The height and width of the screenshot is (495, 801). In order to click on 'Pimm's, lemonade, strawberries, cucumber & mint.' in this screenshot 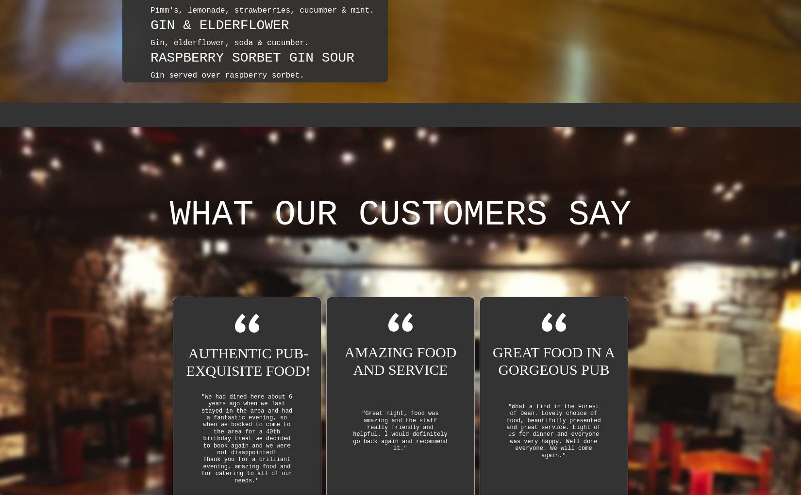, I will do `click(262, 10)`.